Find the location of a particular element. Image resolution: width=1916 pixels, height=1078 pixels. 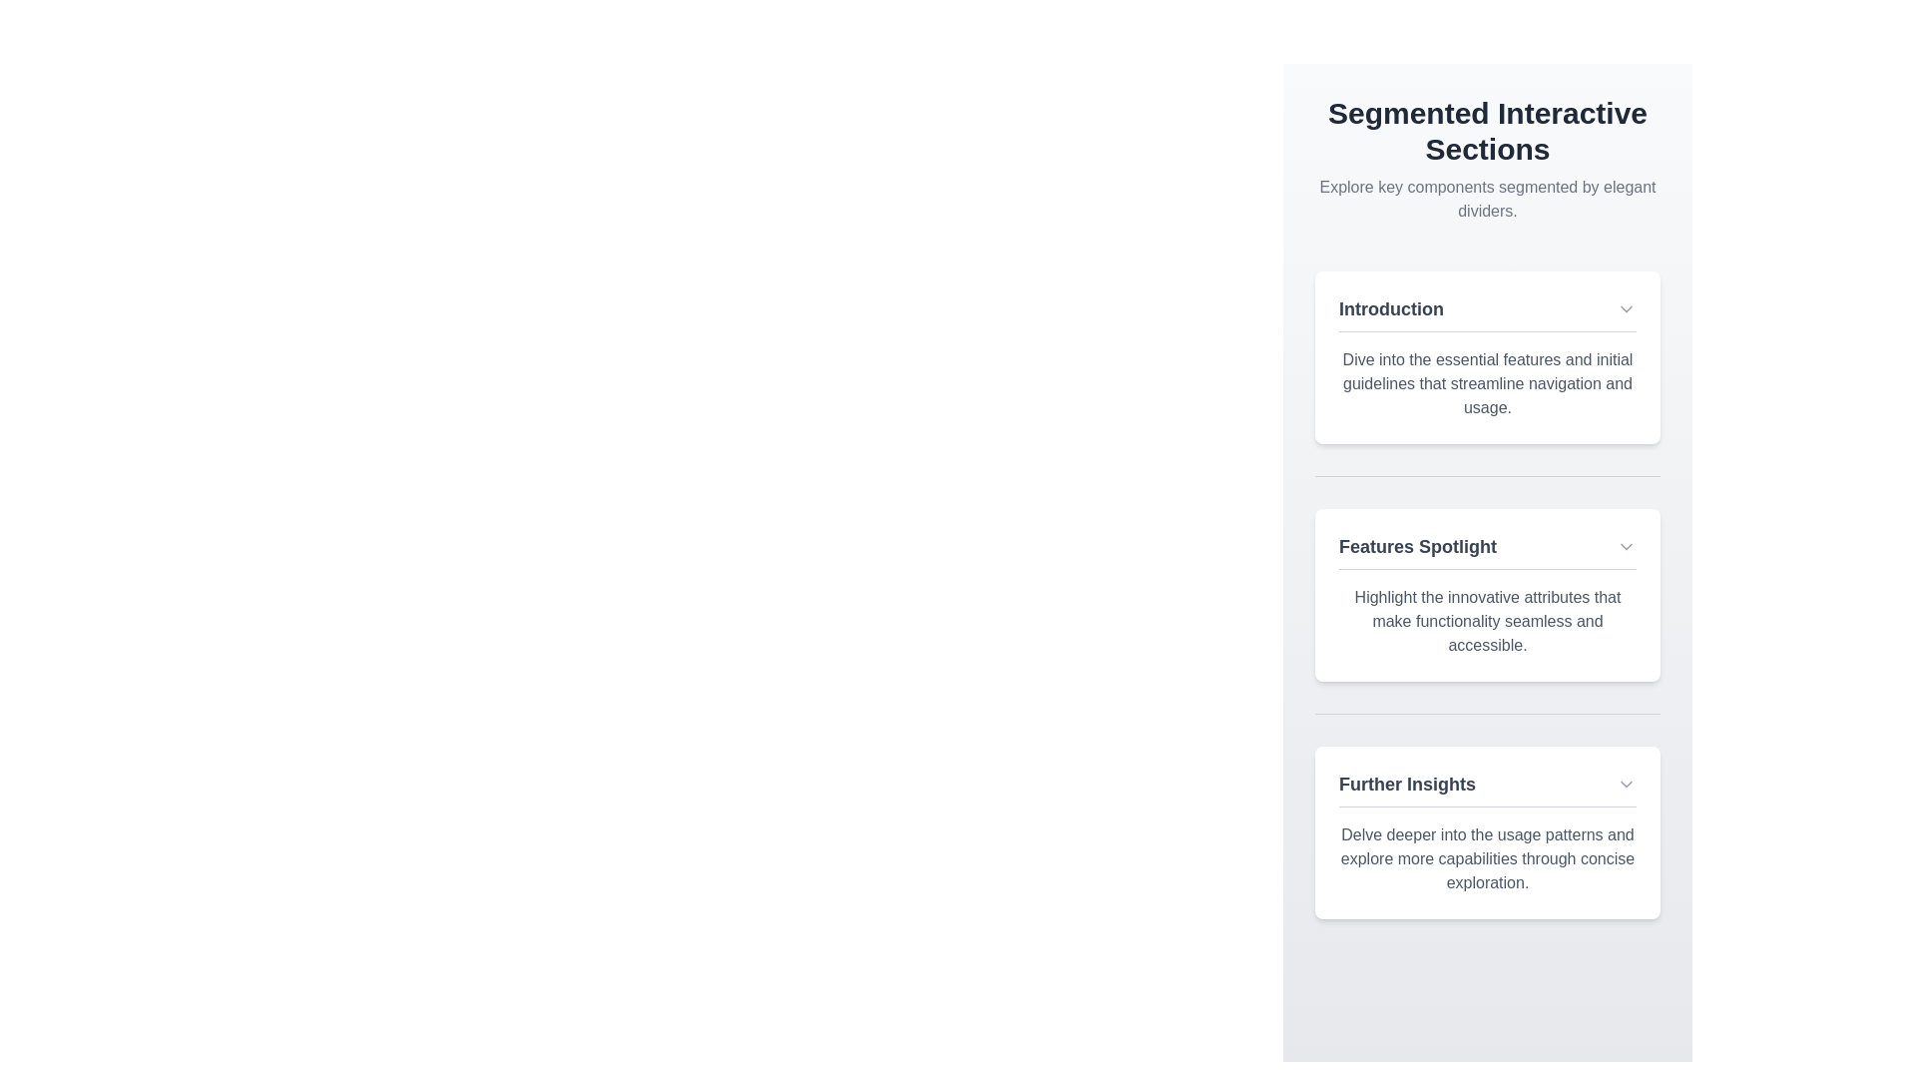

the thin gray horizontal separator line positioned between the 'Introduction' and 'Features Spotlight' sections is located at coordinates (1488, 476).